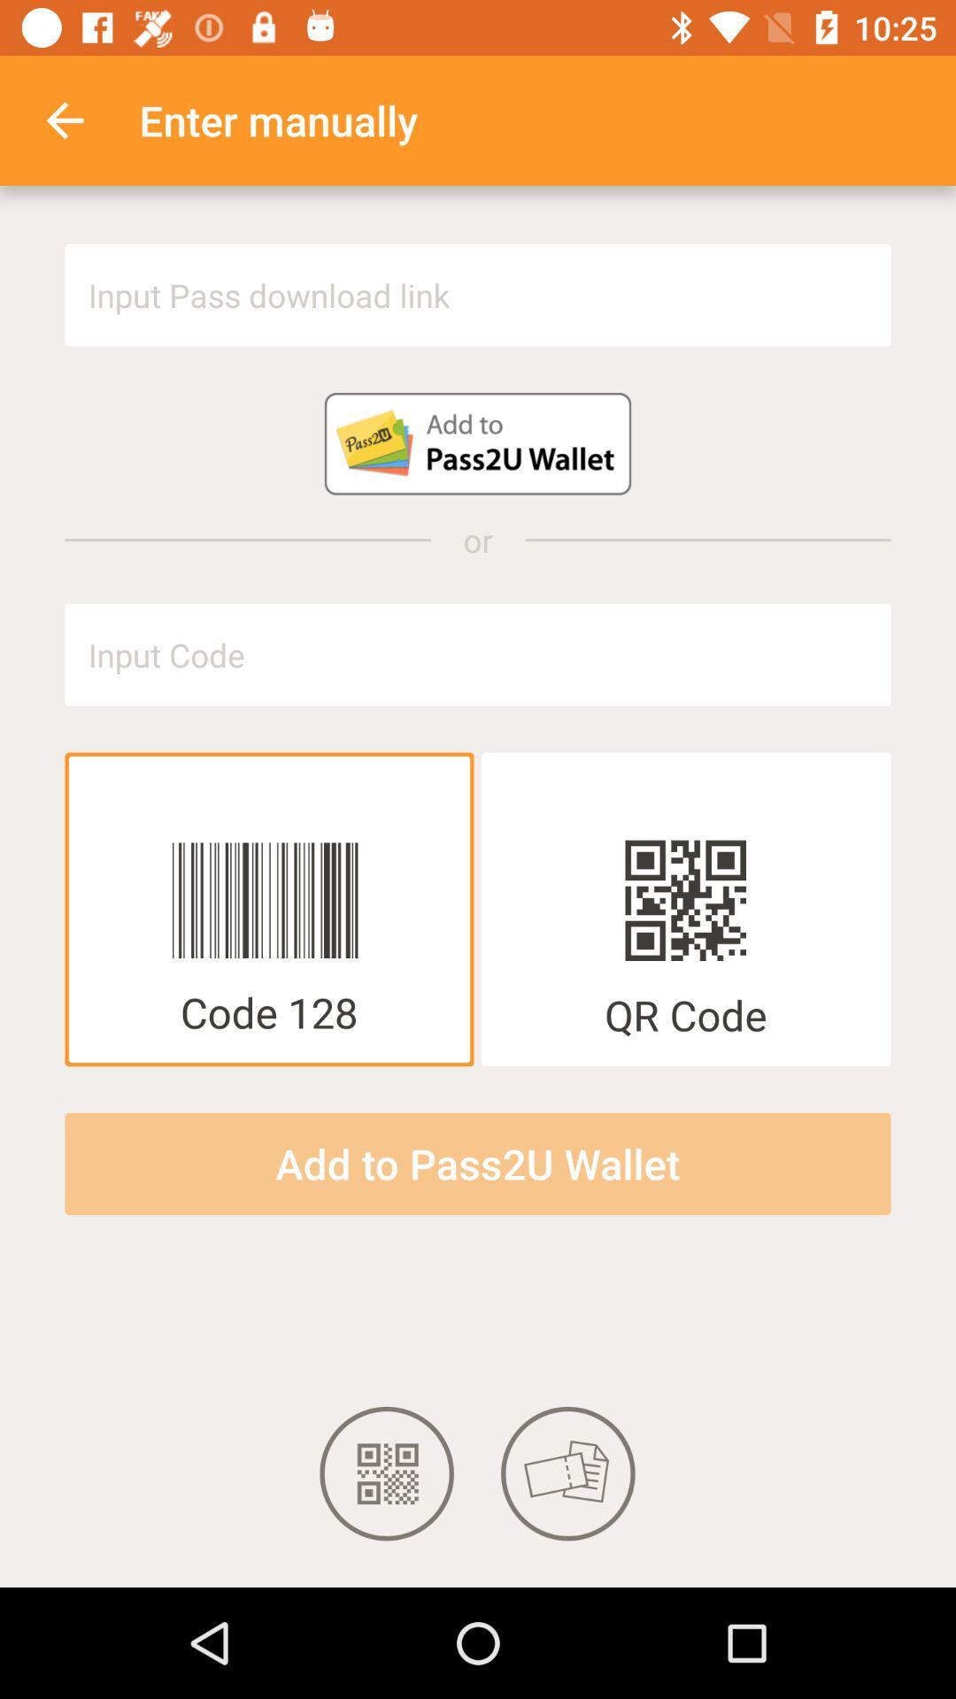 The height and width of the screenshot is (1699, 956). Describe the element at coordinates (478, 1164) in the screenshot. I see `button below the qr code` at that location.